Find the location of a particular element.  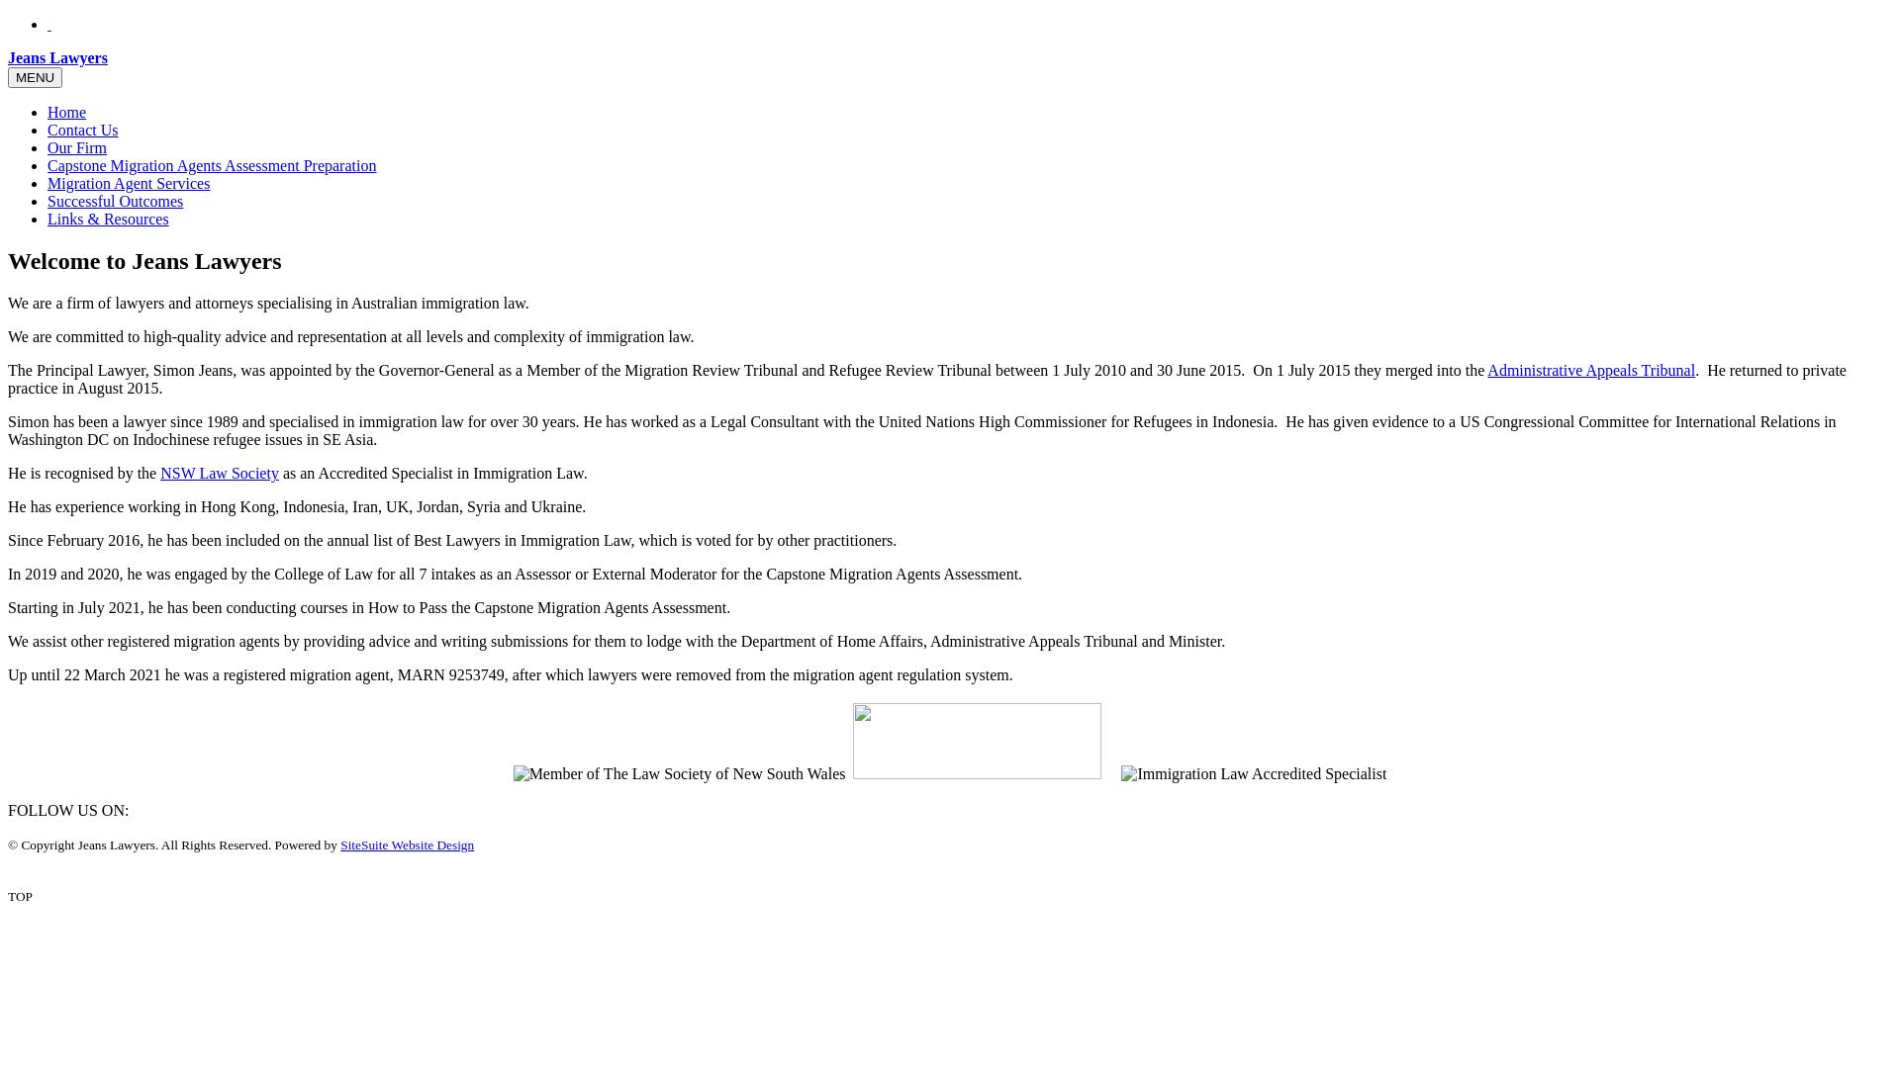

'Call Us Now' is located at coordinates (47, 24).